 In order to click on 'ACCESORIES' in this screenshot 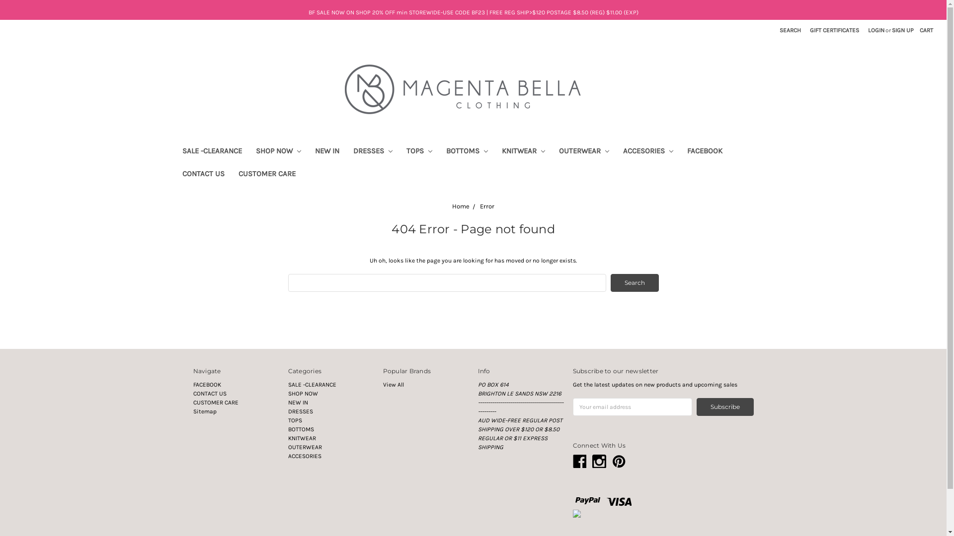, I will do `click(648, 152)`.